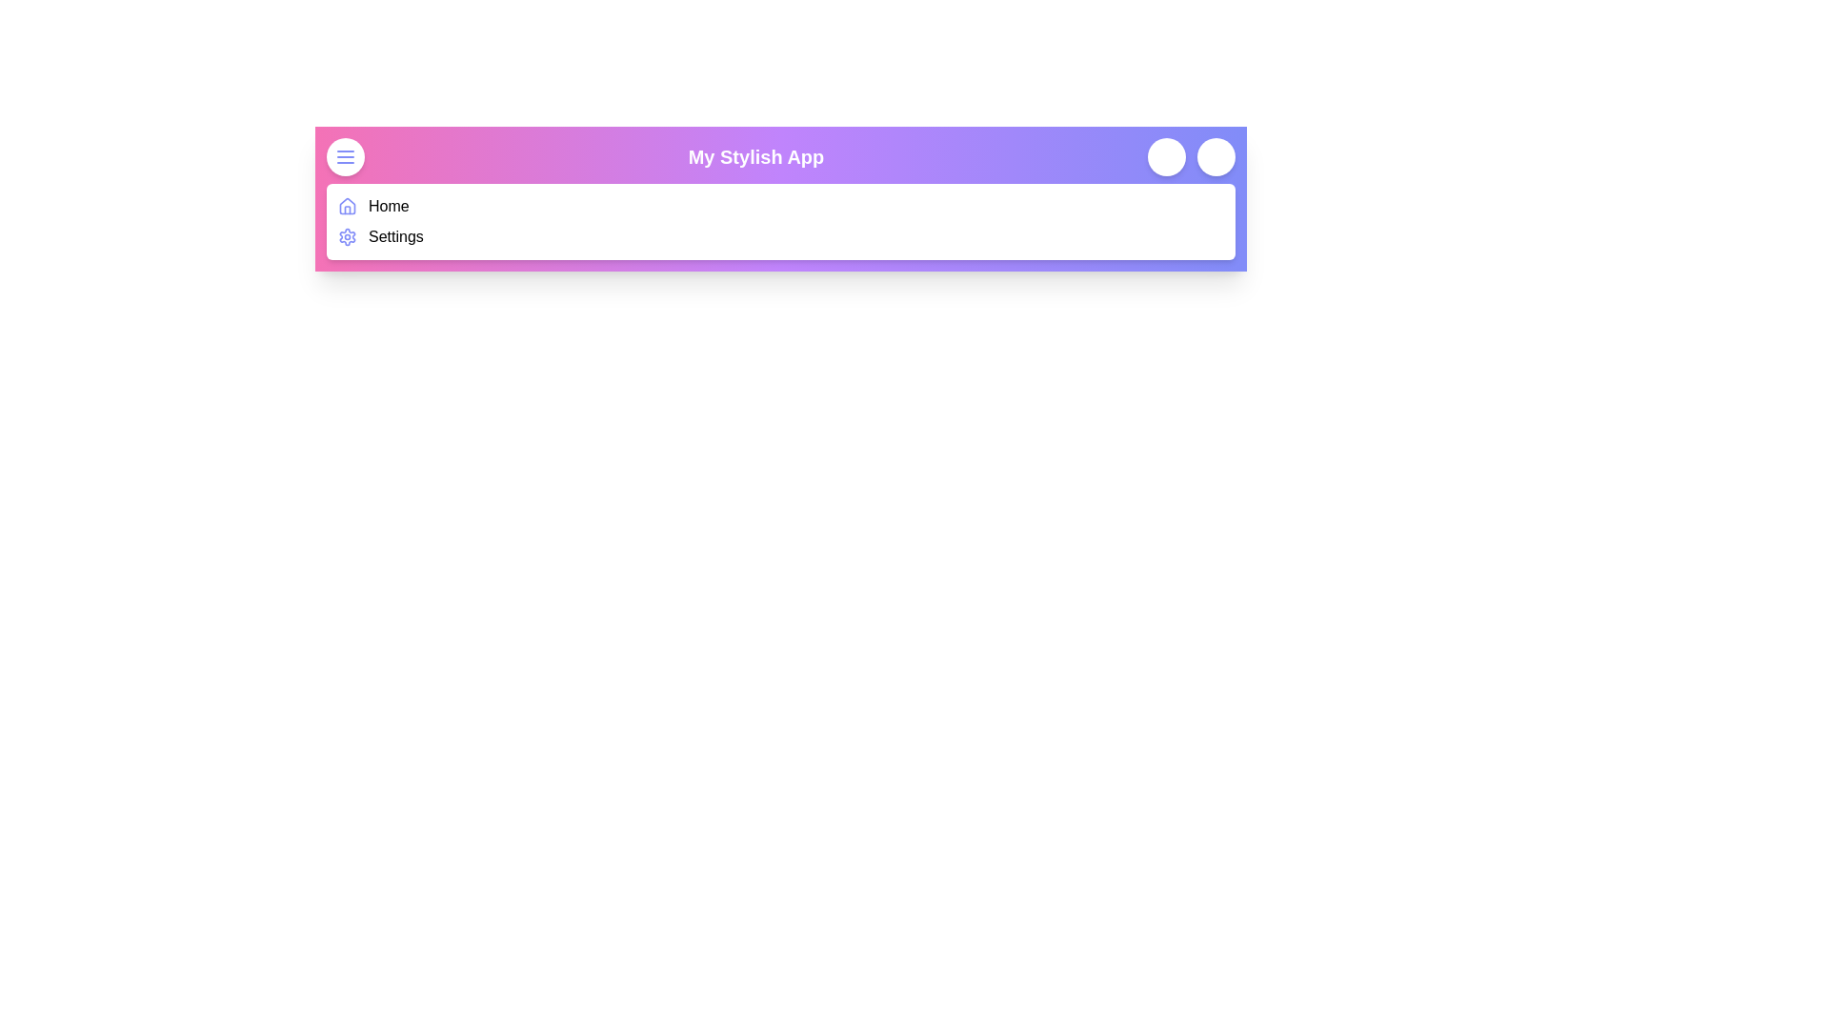 The width and height of the screenshot is (1829, 1029). I want to click on the 'Settings' menu item in the navigation bar, so click(393, 236).